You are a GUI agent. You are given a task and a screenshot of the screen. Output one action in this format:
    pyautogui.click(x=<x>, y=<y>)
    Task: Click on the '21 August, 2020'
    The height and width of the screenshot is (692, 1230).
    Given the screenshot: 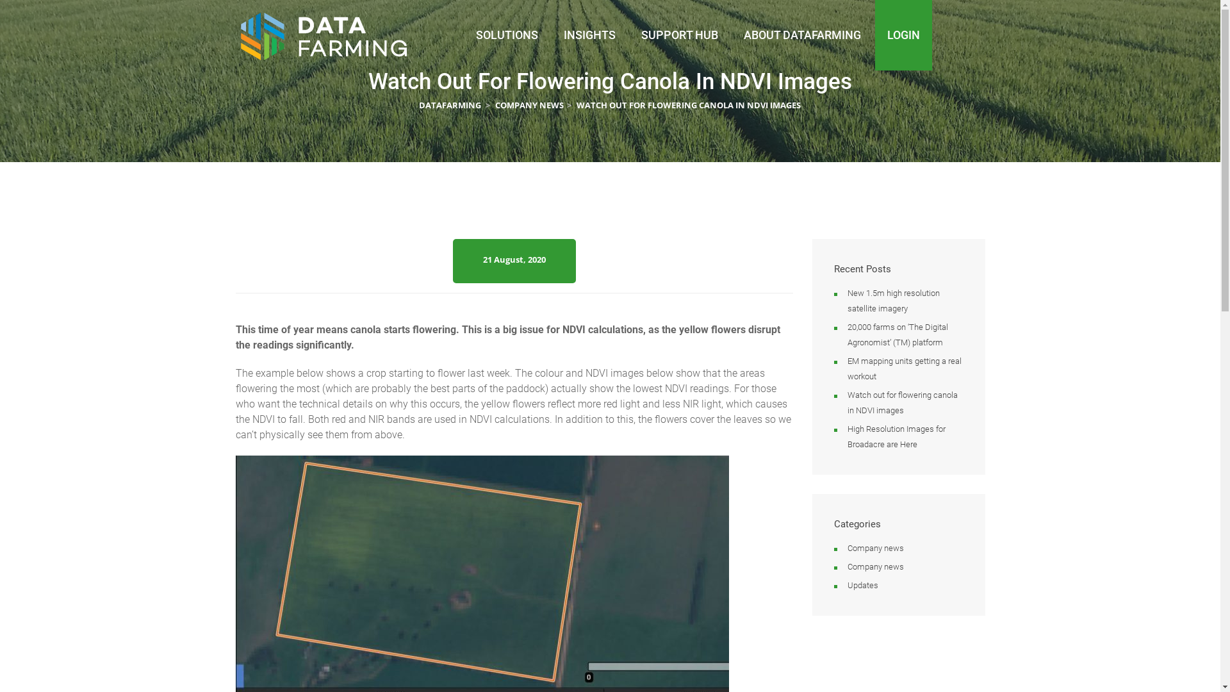 What is the action you would take?
    pyautogui.click(x=514, y=259)
    